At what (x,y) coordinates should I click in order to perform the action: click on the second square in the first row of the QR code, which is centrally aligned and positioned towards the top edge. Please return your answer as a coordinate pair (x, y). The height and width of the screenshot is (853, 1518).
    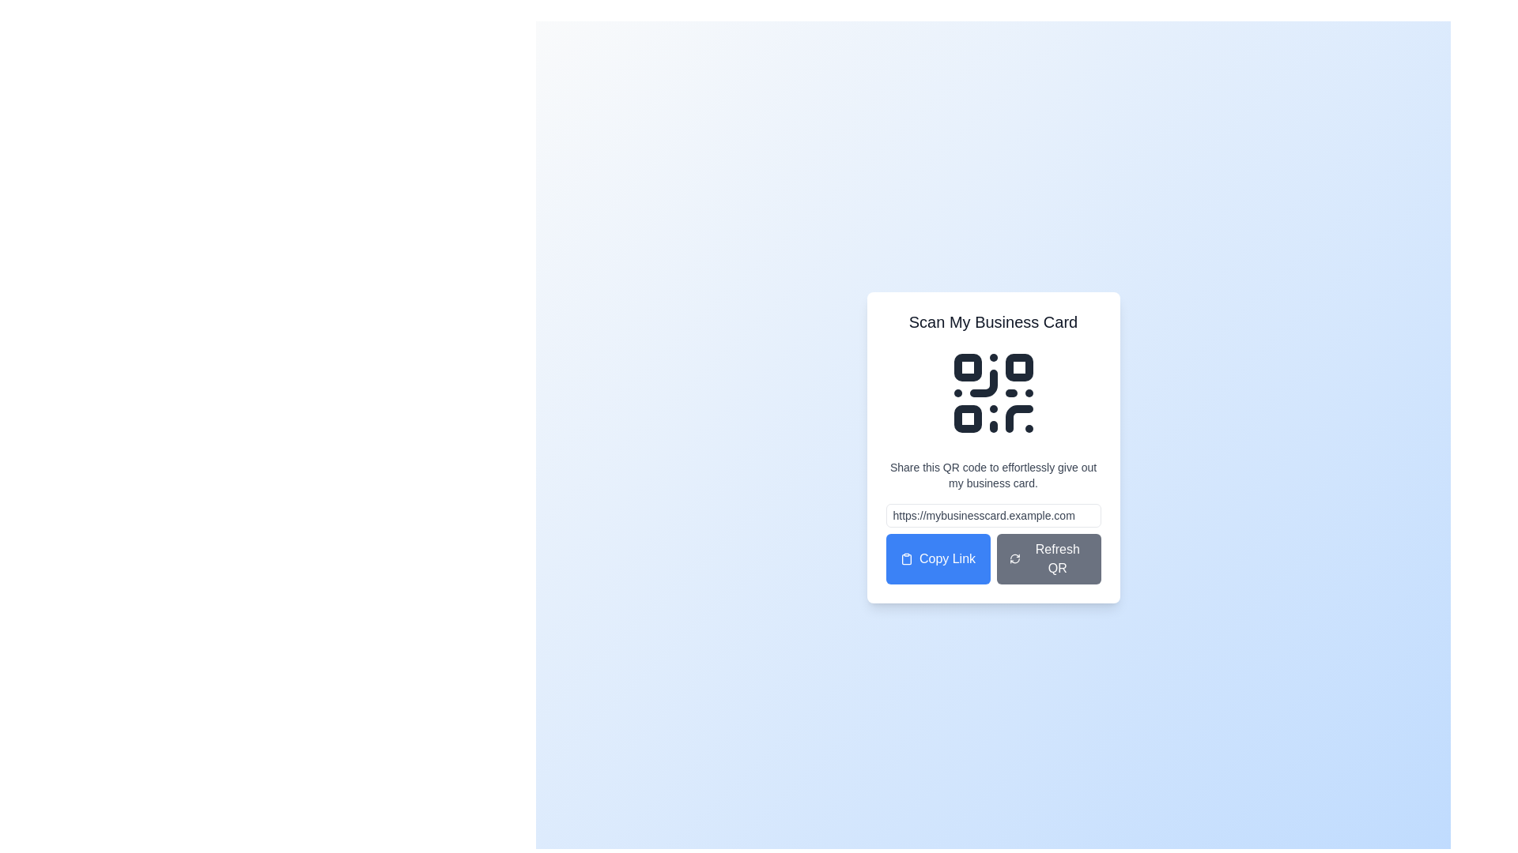
    Looking at the image, I should click on (1019, 367).